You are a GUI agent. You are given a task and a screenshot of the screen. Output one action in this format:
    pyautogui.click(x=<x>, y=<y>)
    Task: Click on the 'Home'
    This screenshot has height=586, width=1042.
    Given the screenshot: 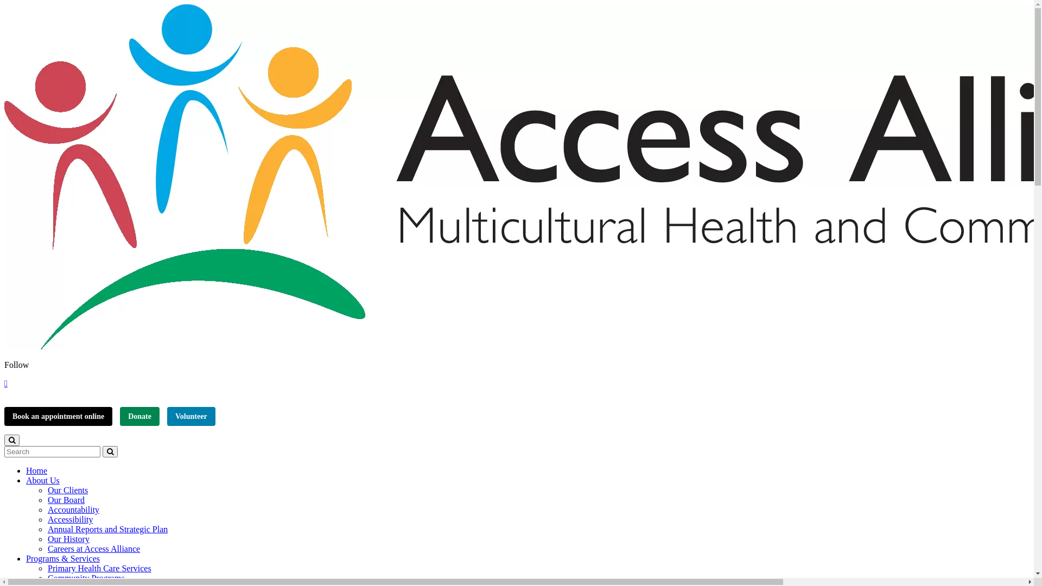 What is the action you would take?
    pyautogui.click(x=36, y=470)
    